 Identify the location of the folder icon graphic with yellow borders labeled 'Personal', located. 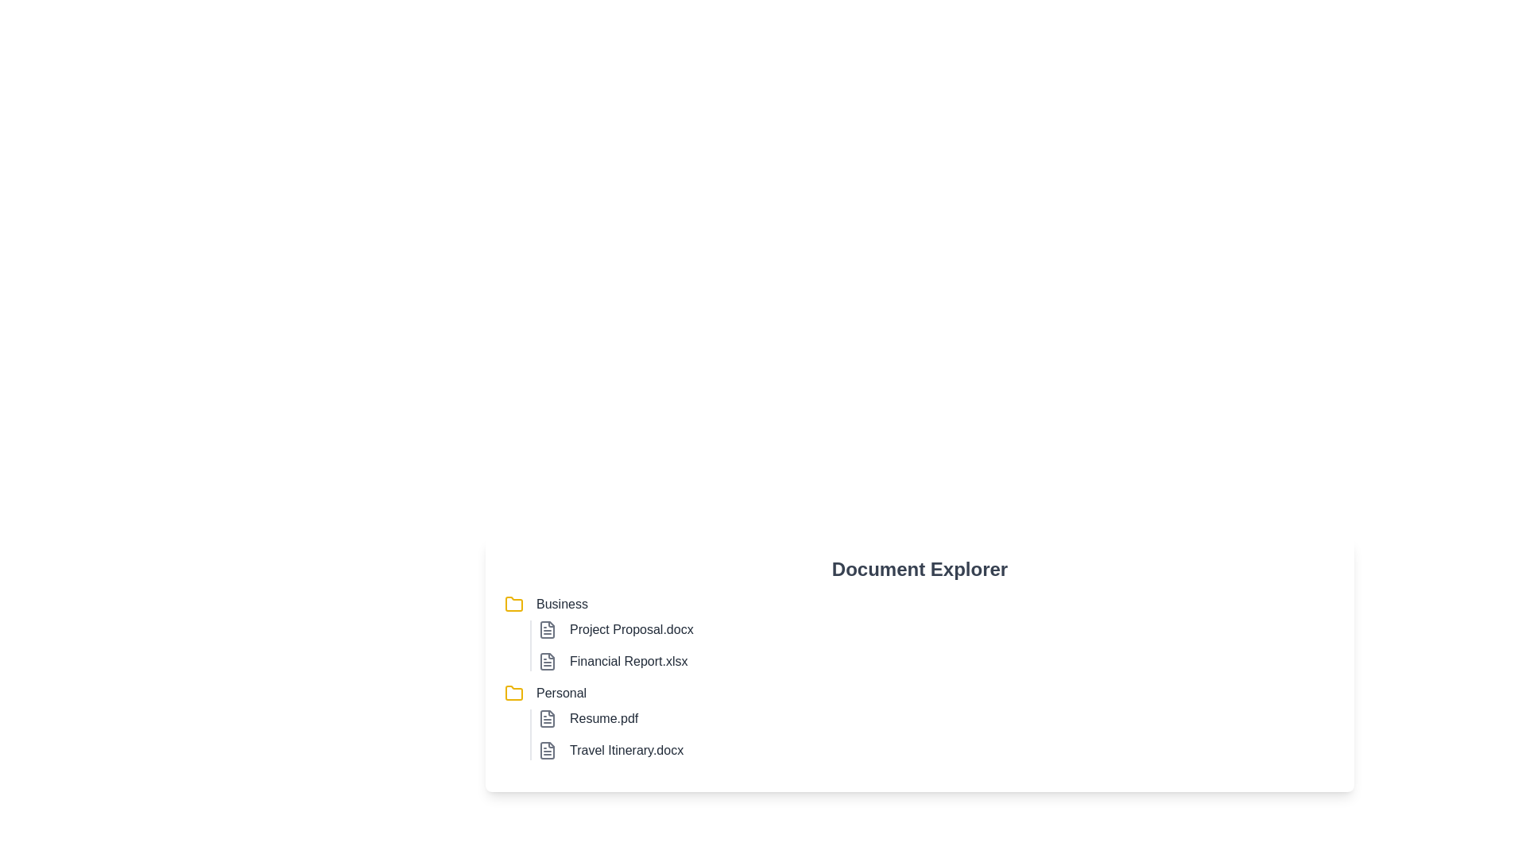
(514, 692).